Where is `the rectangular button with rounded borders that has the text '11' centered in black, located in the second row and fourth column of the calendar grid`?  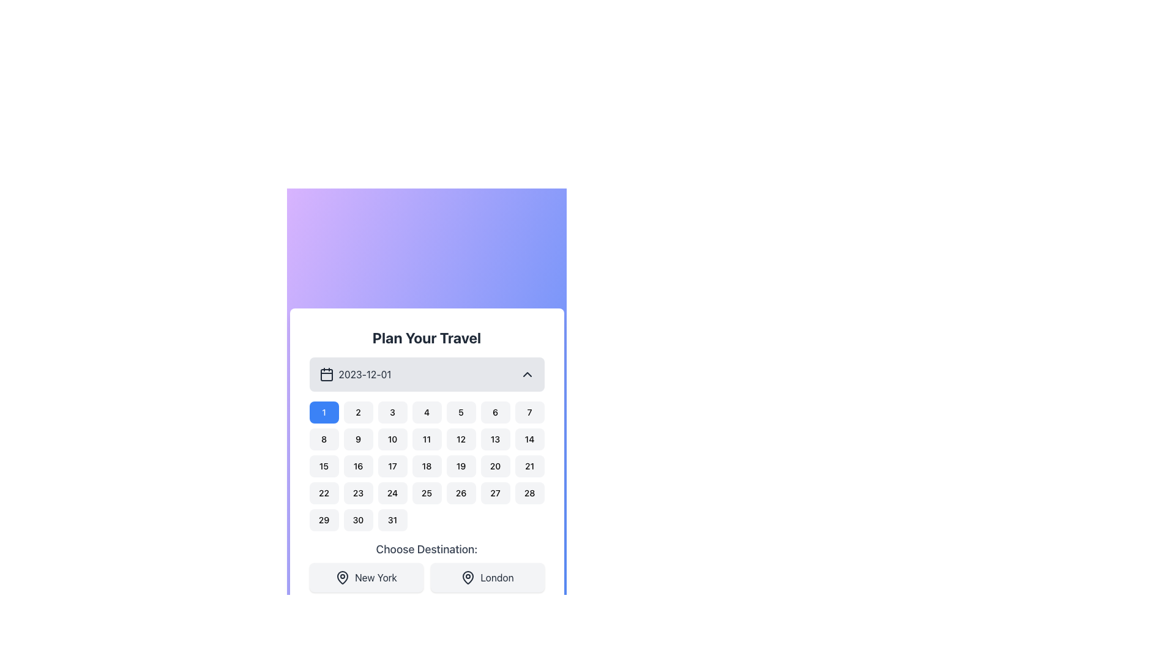
the rectangular button with rounded borders that has the text '11' centered in black, located in the second row and fourth column of the calendar grid is located at coordinates (427, 438).